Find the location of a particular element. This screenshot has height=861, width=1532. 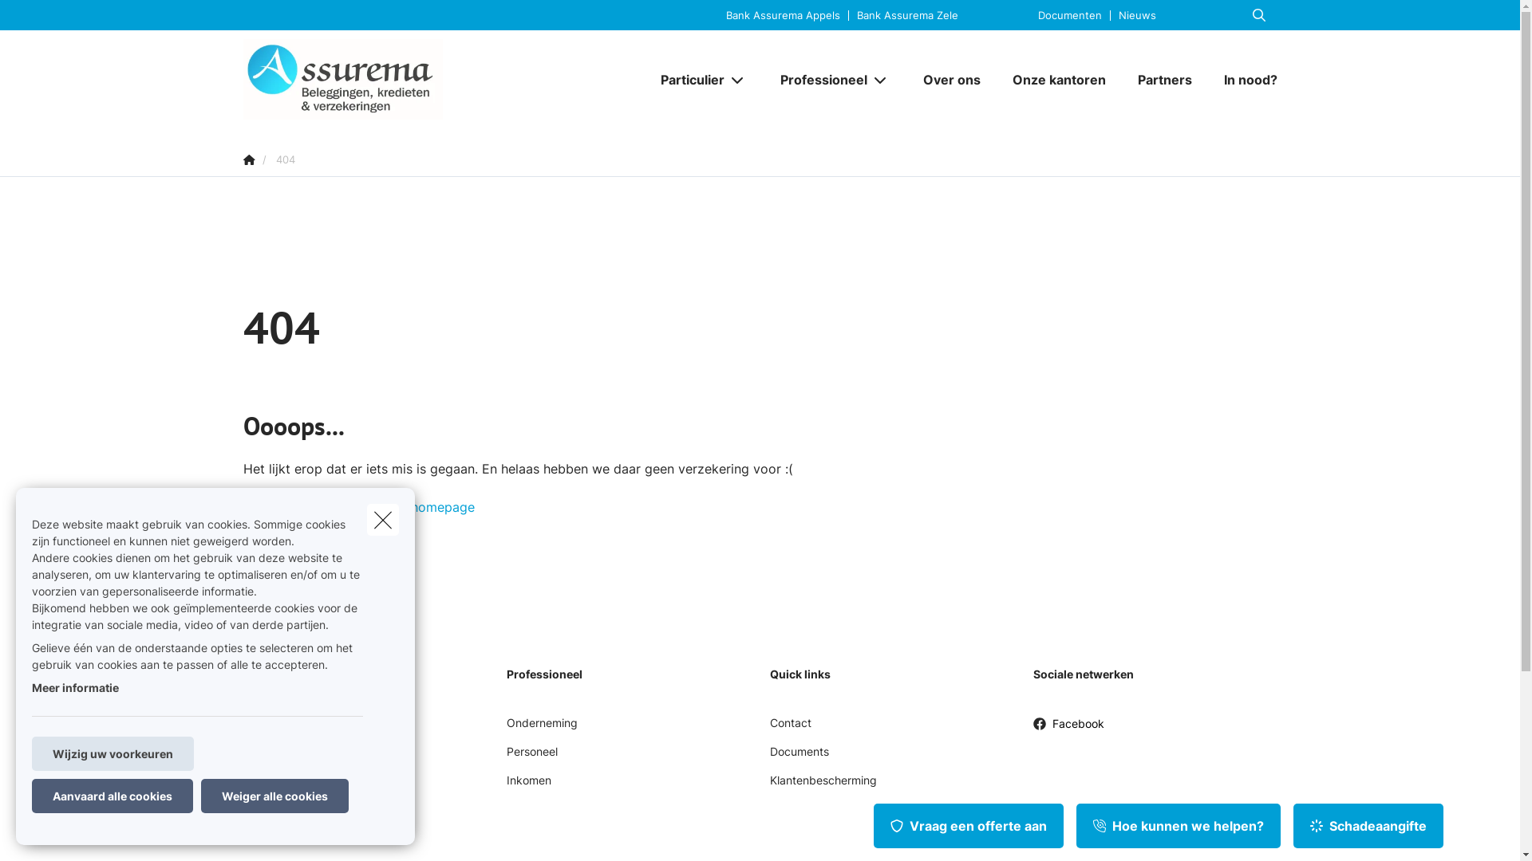

'In nood?' is located at coordinates (1242, 80).